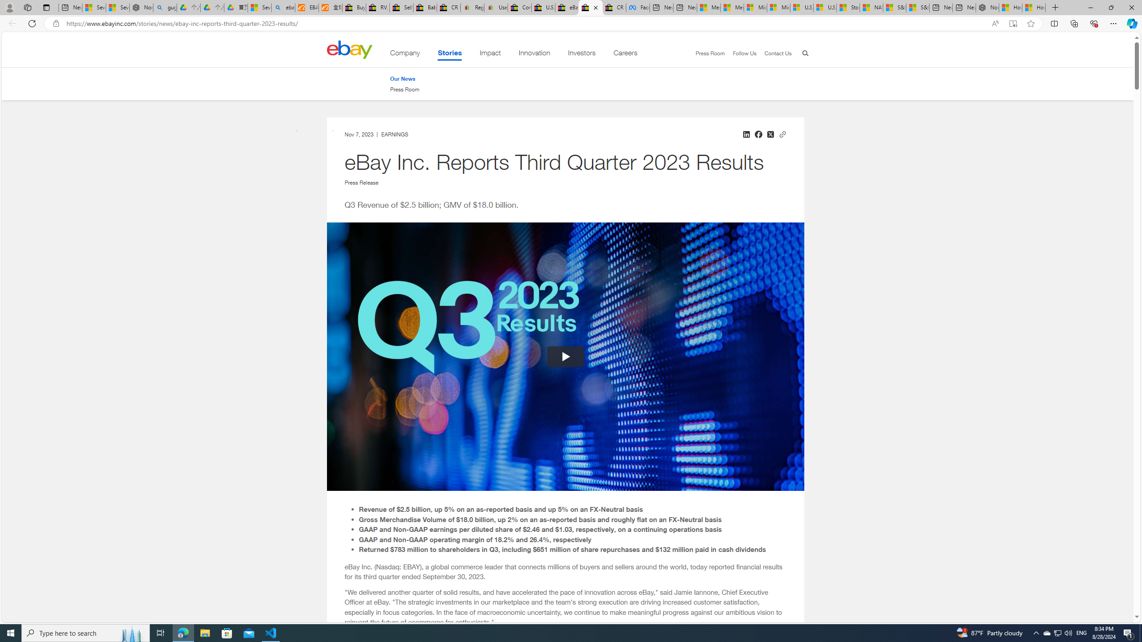 The width and height of the screenshot is (1142, 642). I want to click on 'Register: Create a personal eBay account', so click(472, 7).